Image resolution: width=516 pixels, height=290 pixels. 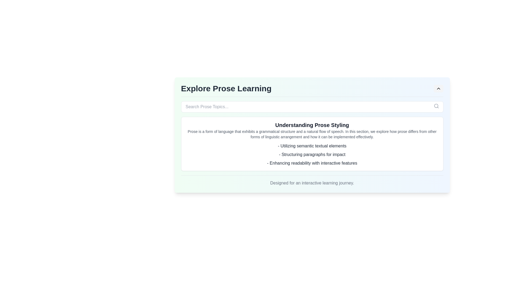 I want to click on the text element that reads '- Enhancing readability with interactive features', which is the third item in a bulleted list under the section 'Understanding Prose Styling', so click(x=312, y=163).